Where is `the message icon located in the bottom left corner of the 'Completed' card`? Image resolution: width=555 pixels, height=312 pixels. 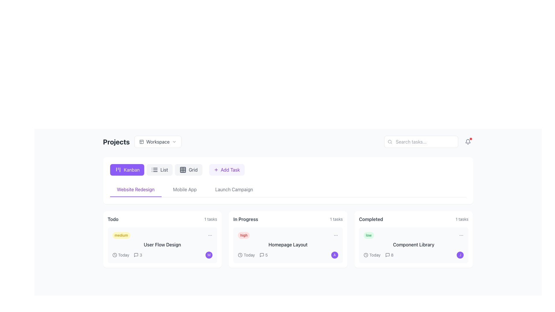 the message icon located in the bottom left corner of the 'Completed' card is located at coordinates (387, 255).